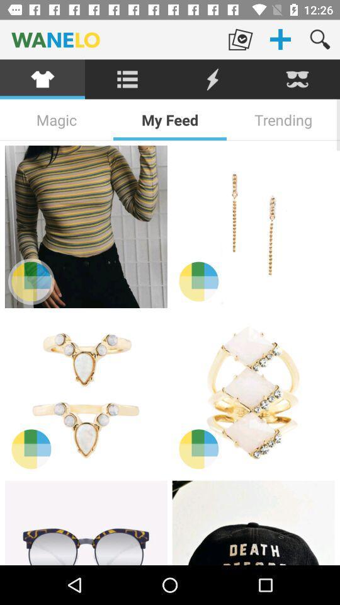  What do you see at coordinates (85, 227) in the screenshot?
I see `sweater` at bounding box center [85, 227].